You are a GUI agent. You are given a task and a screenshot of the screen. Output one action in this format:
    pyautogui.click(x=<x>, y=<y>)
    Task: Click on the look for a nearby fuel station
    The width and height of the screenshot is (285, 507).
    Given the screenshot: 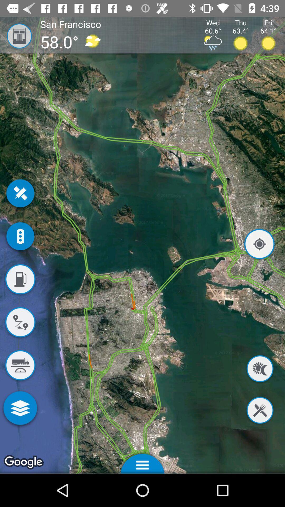 What is the action you would take?
    pyautogui.click(x=20, y=280)
    